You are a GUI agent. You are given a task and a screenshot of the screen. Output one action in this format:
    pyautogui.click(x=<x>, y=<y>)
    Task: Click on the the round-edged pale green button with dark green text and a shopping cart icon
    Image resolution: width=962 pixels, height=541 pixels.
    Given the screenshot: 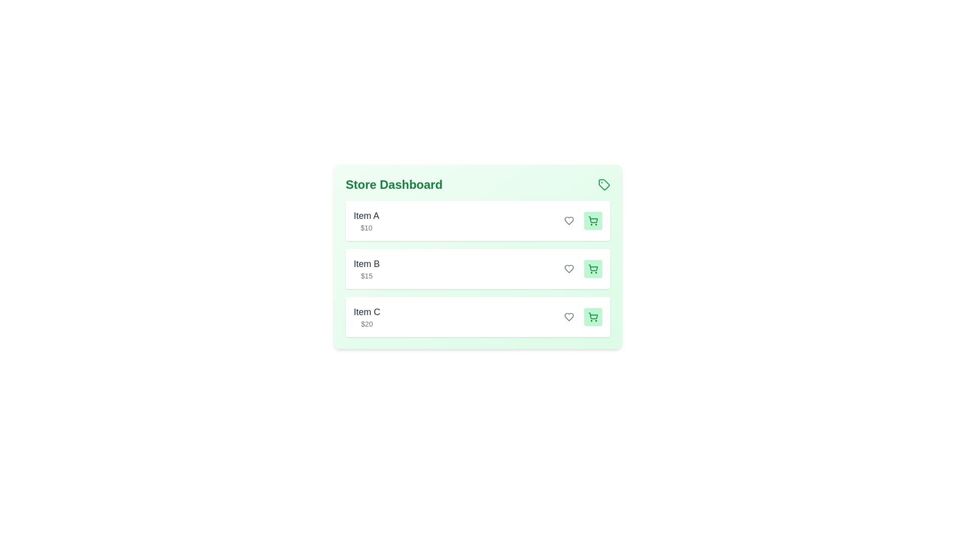 What is the action you would take?
    pyautogui.click(x=593, y=220)
    